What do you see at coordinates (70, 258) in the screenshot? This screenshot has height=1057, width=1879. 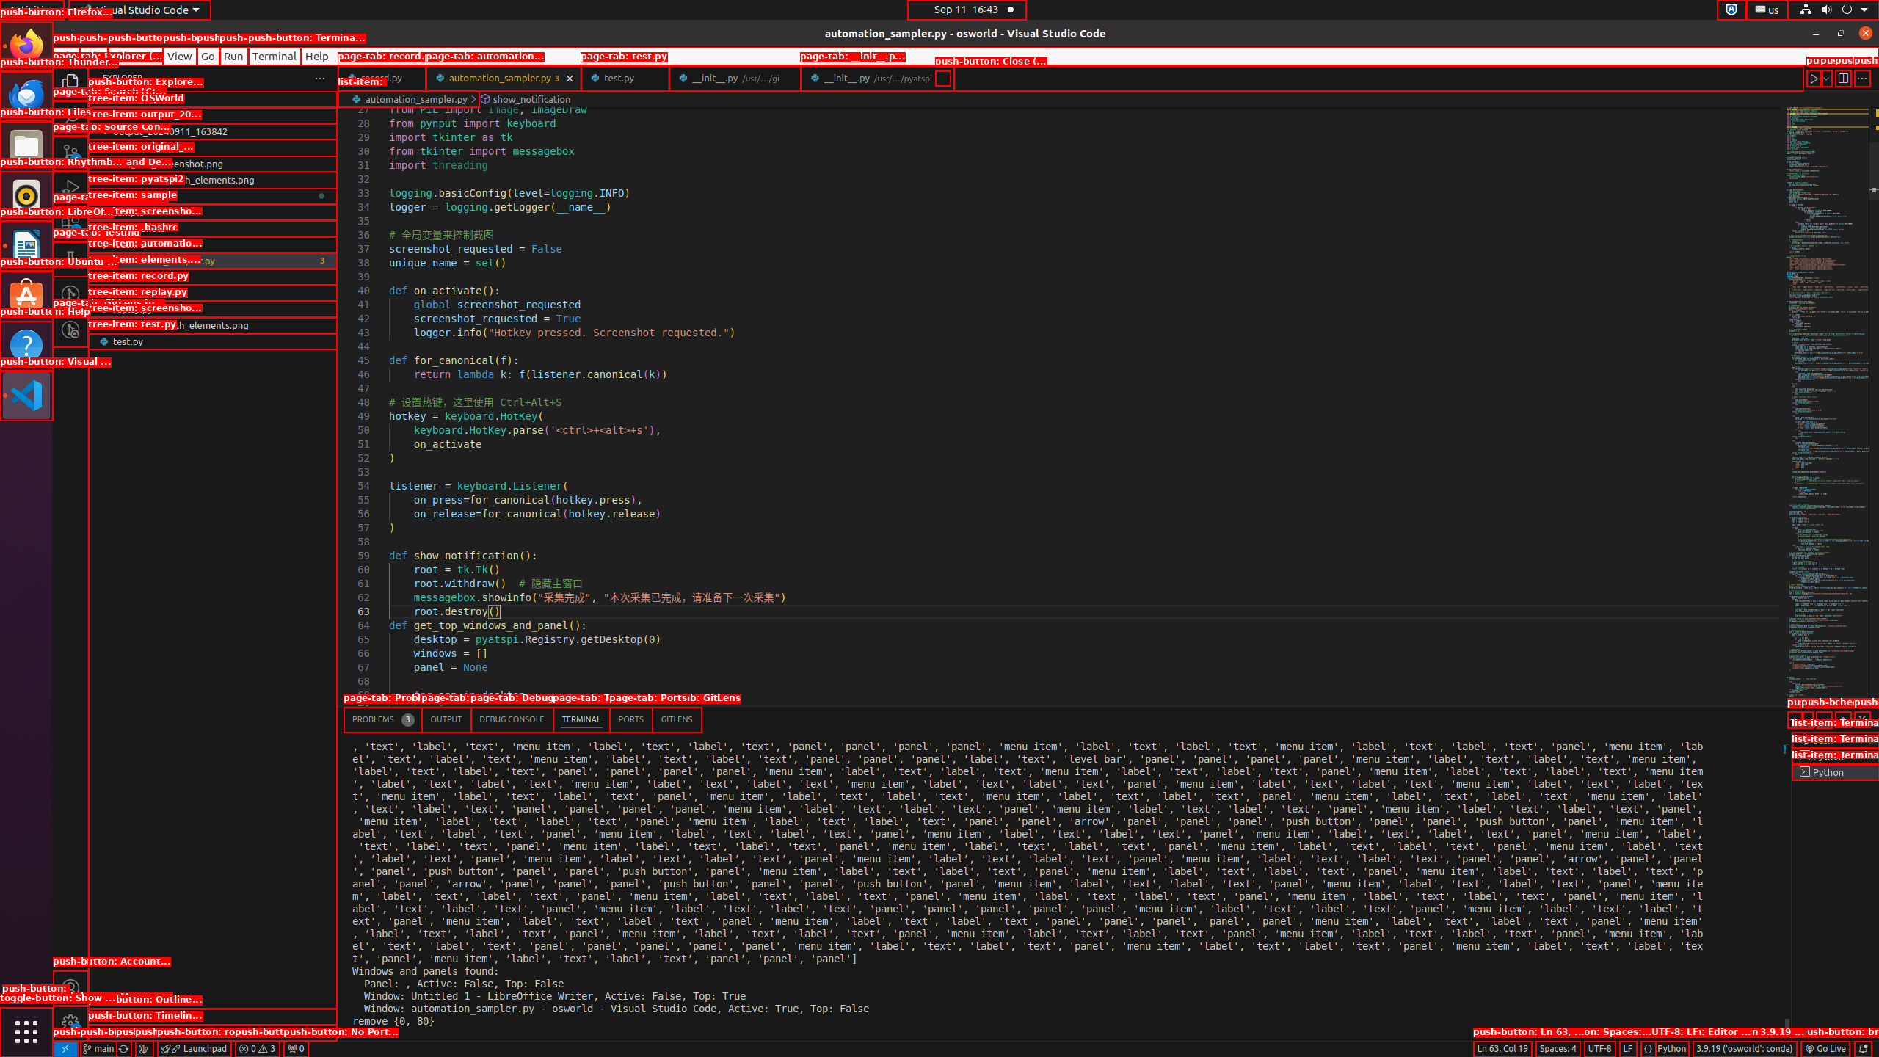 I see `'Testing'` at bounding box center [70, 258].